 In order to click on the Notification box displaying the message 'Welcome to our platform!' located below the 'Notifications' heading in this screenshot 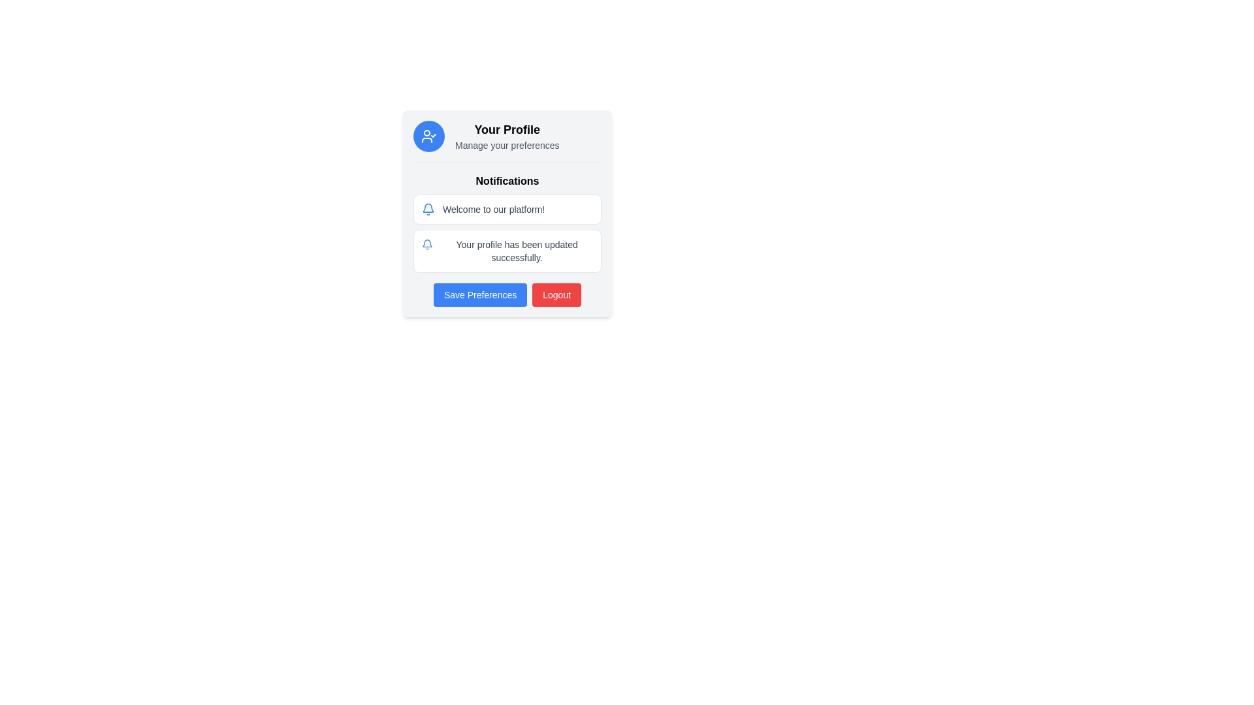, I will do `click(507, 213)`.